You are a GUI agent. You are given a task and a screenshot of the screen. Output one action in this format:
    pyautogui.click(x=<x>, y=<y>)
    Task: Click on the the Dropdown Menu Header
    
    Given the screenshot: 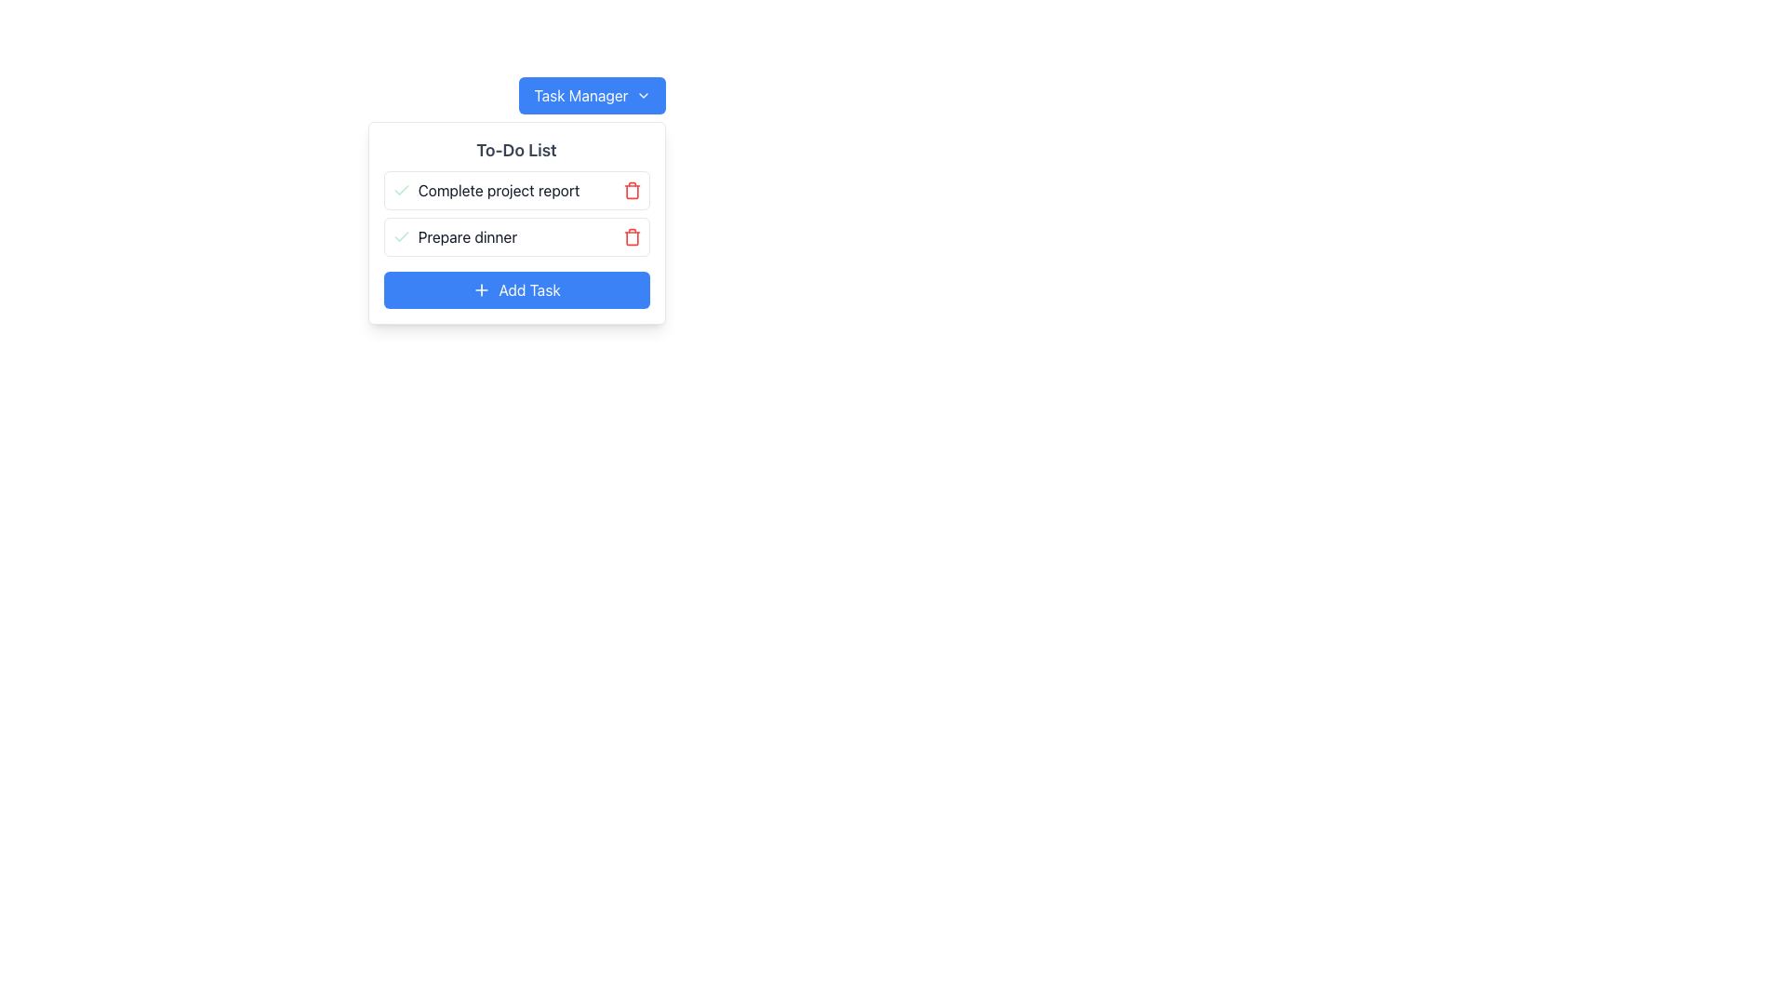 What is the action you would take?
    pyautogui.click(x=592, y=96)
    